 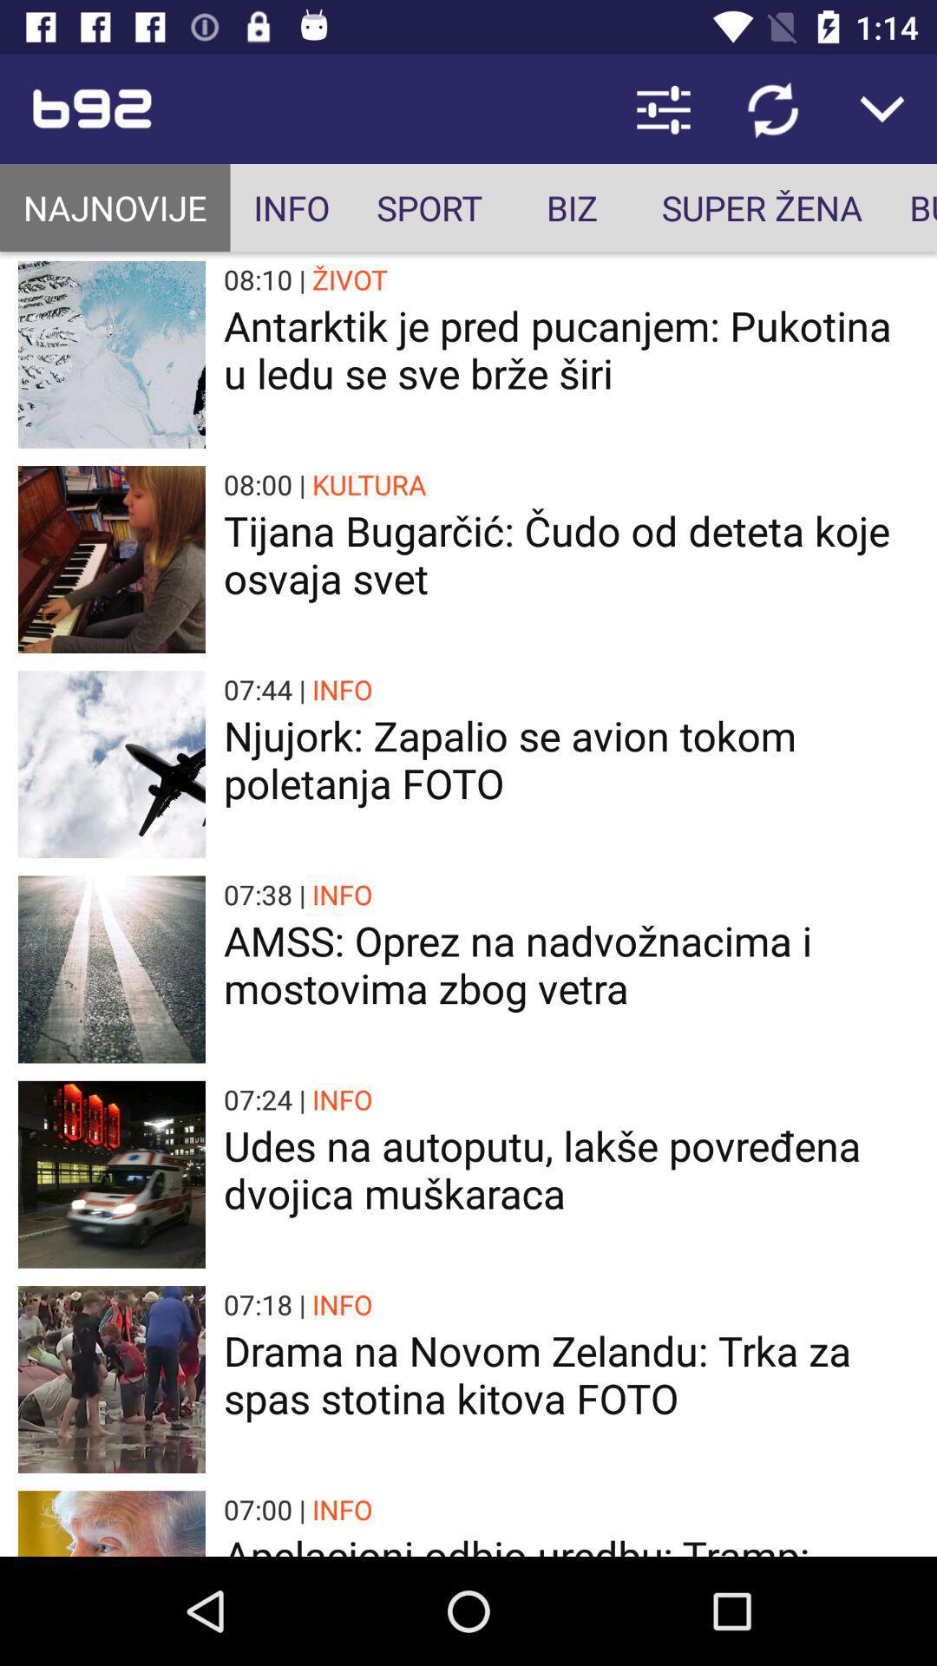 What do you see at coordinates (368, 484) in the screenshot?
I see `icon below the antarktik je pred` at bounding box center [368, 484].